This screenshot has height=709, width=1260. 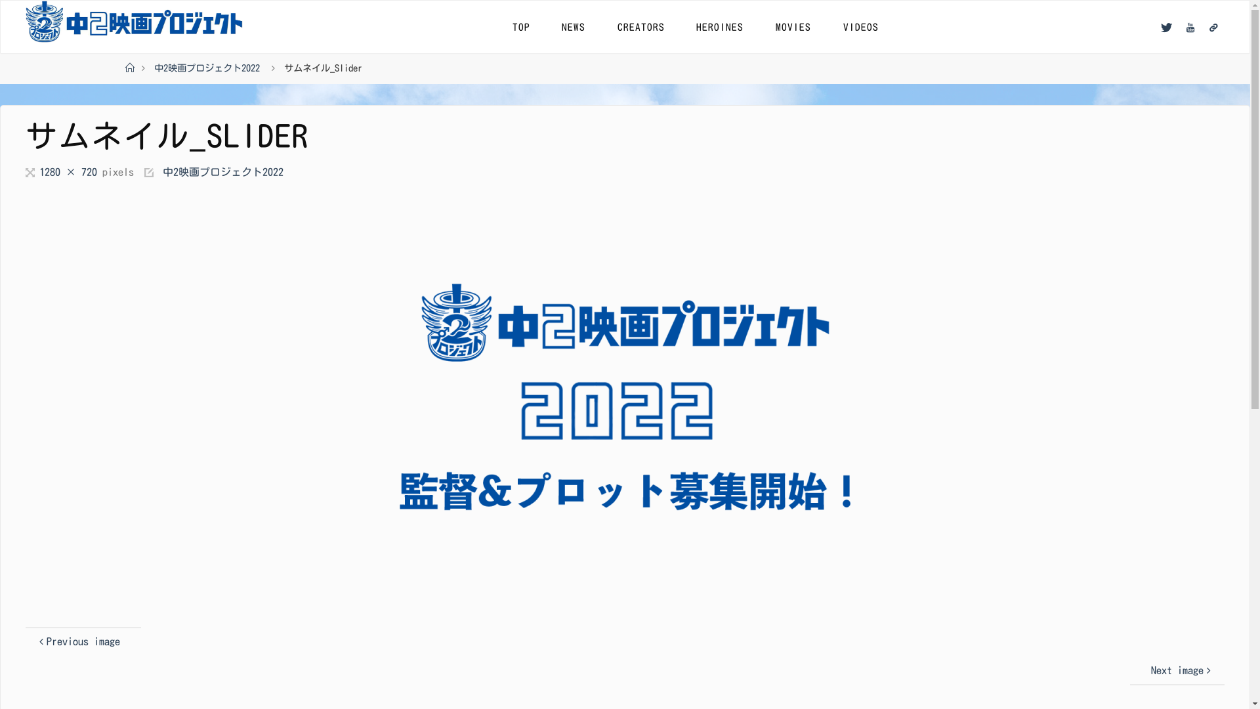 I want to click on 'NEWS', so click(x=574, y=27).